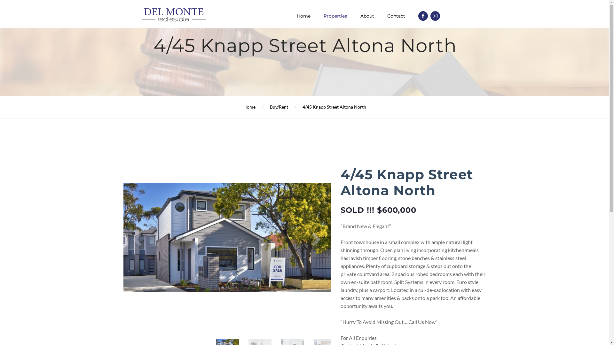 The width and height of the screenshot is (614, 345). Describe the element at coordinates (248, 106) in the screenshot. I see `'Home'` at that location.